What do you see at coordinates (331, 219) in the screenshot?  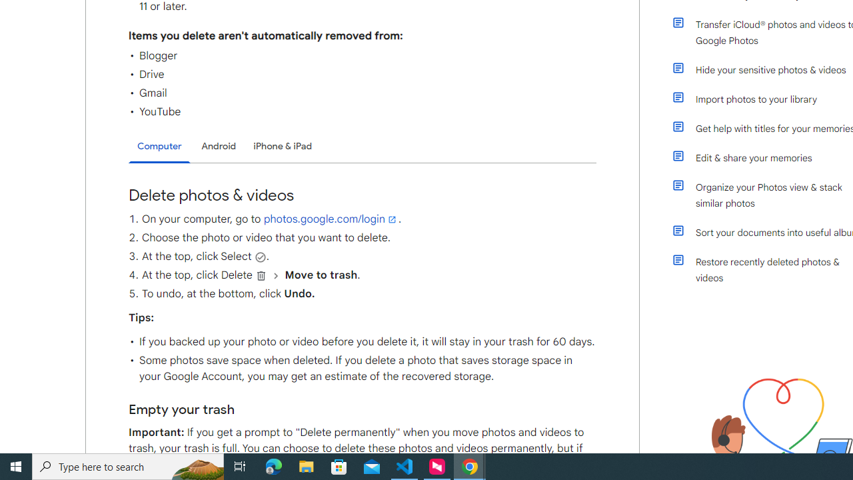 I see `'photos.google.com/login'` at bounding box center [331, 219].